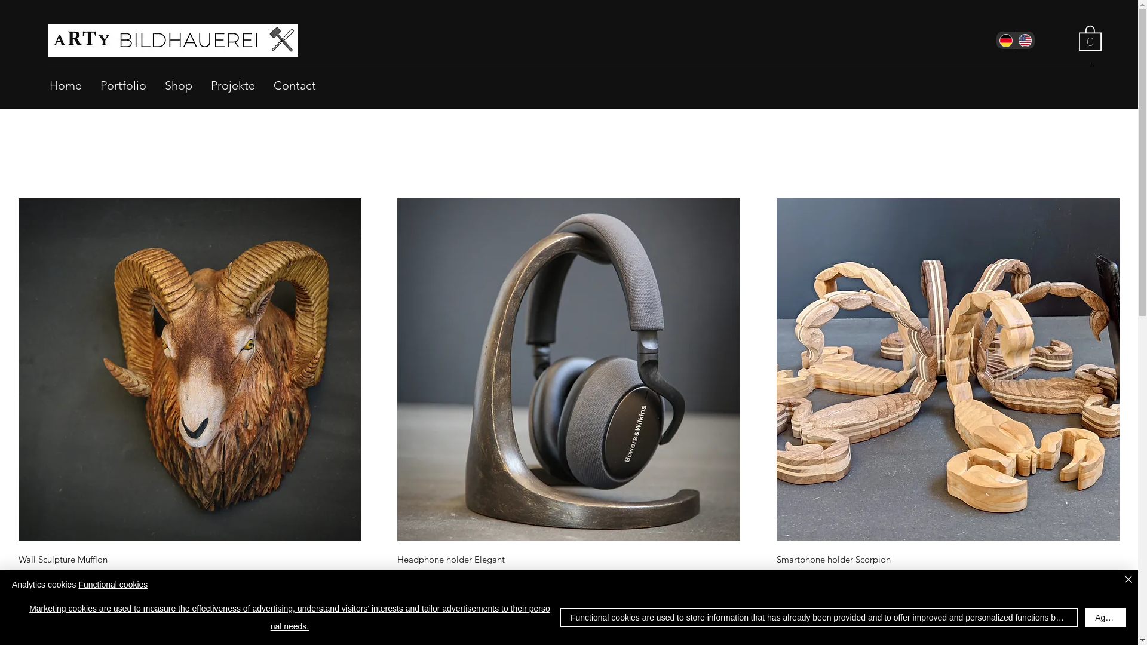 The image size is (1147, 645). I want to click on 'Shop', so click(155, 84).